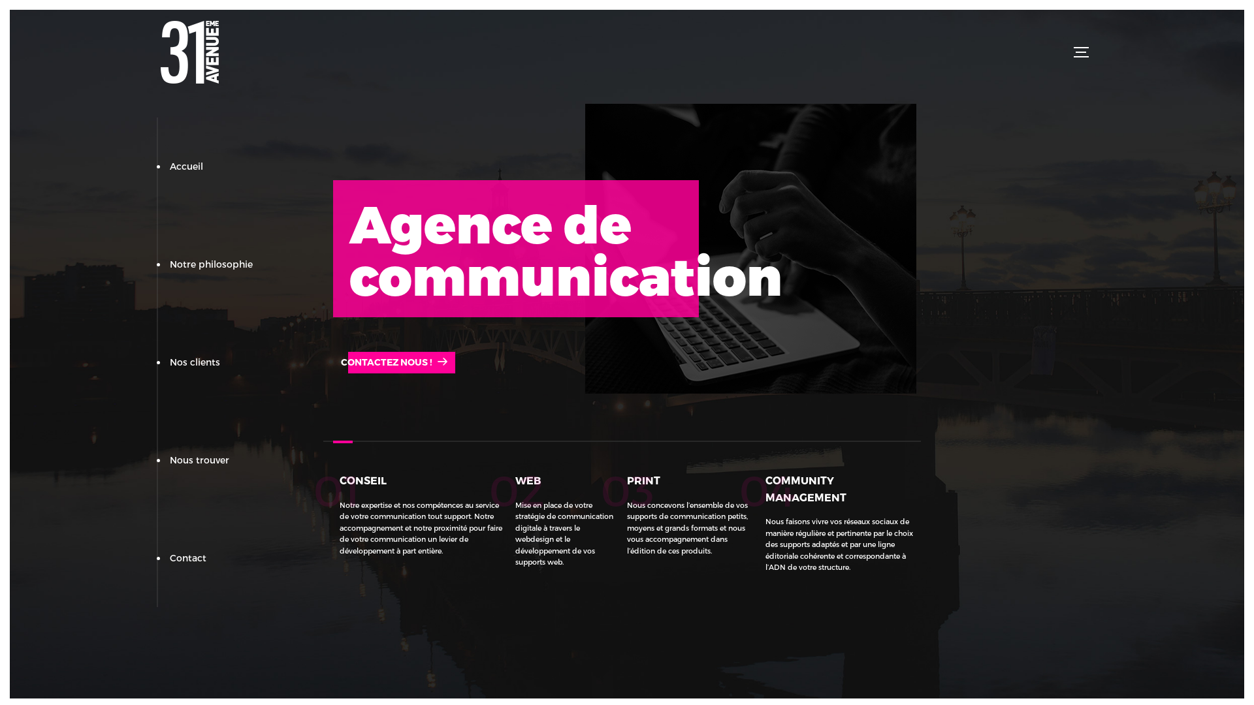 The image size is (1254, 705). What do you see at coordinates (187, 557) in the screenshot?
I see `'Contact'` at bounding box center [187, 557].